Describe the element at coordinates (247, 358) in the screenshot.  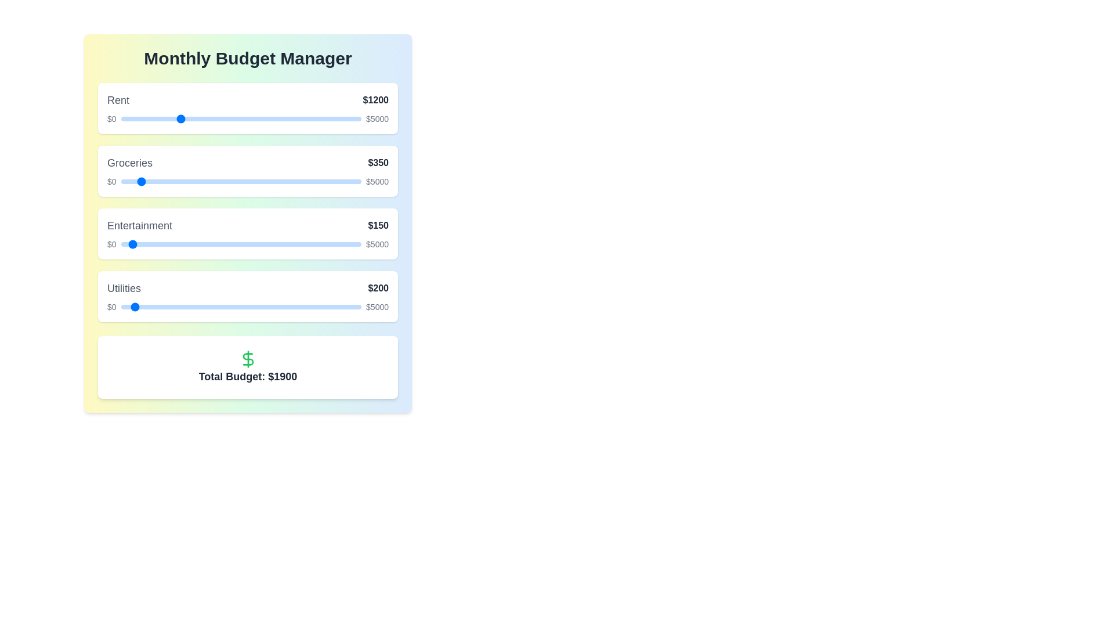
I see `the curved lines forming the top and bottom parts of the green dollar sign icon located in the budget summary box` at that location.